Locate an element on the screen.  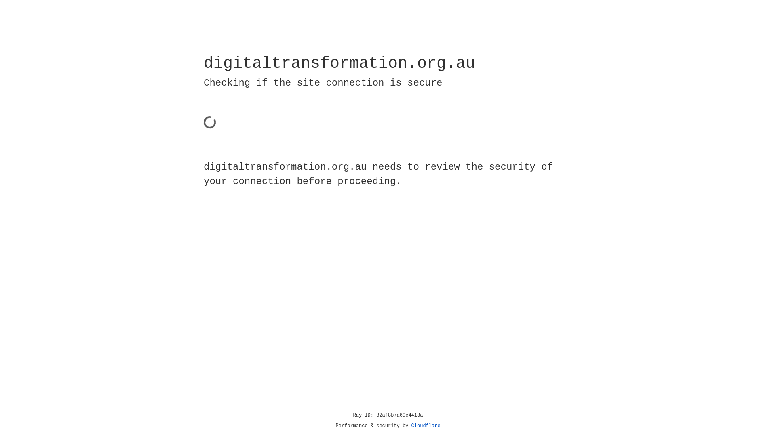
'Cloudflare' is located at coordinates (426, 426).